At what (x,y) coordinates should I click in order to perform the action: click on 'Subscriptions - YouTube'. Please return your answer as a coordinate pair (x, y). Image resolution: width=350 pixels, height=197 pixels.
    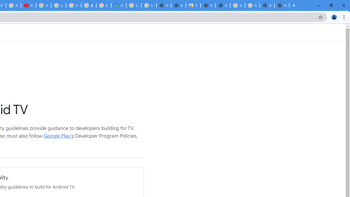
    Looking at the image, I should click on (28, 5).